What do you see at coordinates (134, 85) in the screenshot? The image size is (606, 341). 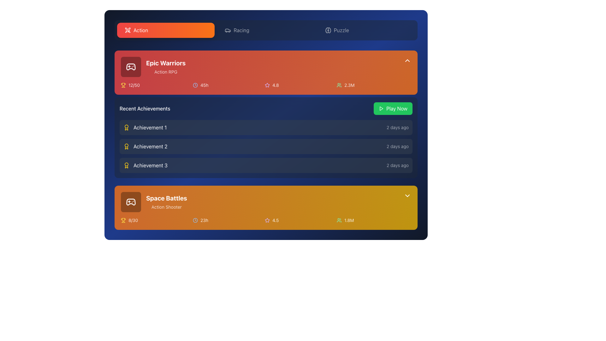 I see `the displayed text '12/50' in the small white font with reduced opacity, located to the right of the trophy icon in the 'Epic Warriors' game card area` at bounding box center [134, 85].